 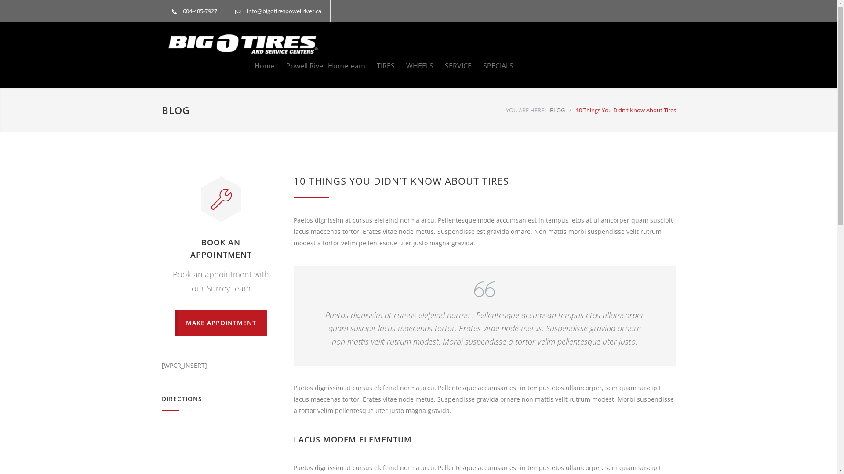 I want to click on 'Home', so click(x=253, y=65).